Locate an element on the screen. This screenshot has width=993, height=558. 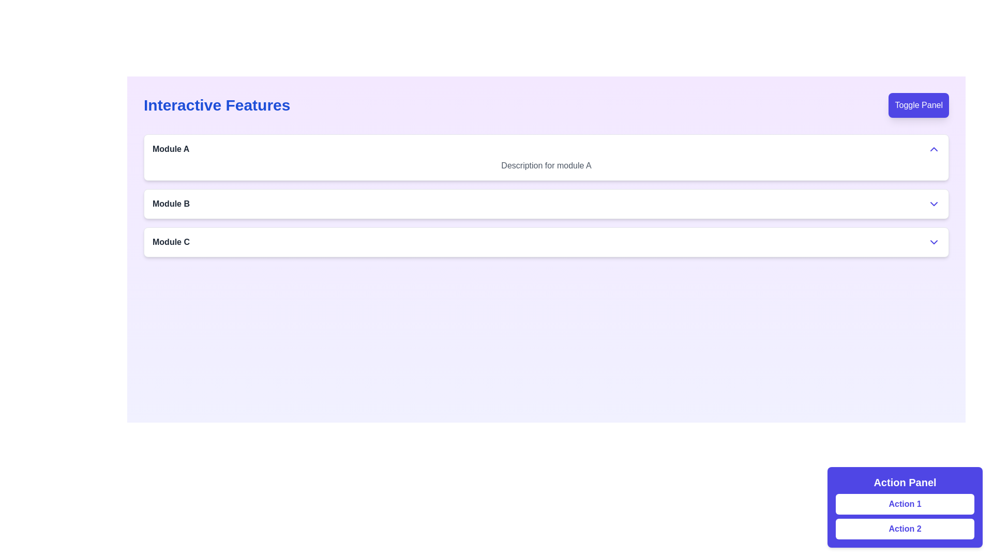
text label that serves as a title for the module, helping users identify the section it represents is located at coordinates (171, 149).